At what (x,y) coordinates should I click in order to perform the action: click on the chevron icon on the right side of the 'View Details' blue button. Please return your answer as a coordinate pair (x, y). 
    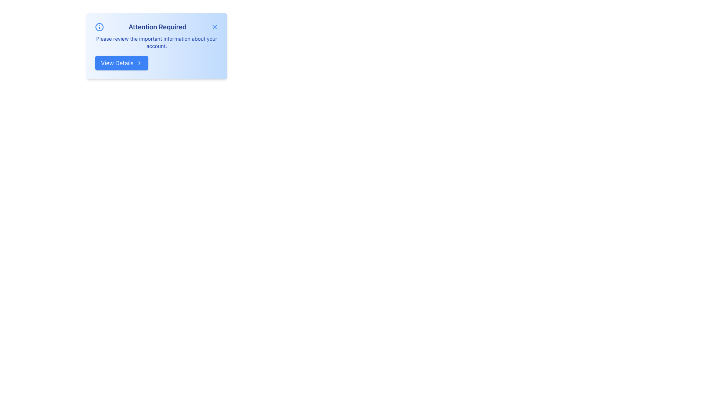
    Looking at the image, I should click on (139, 63).